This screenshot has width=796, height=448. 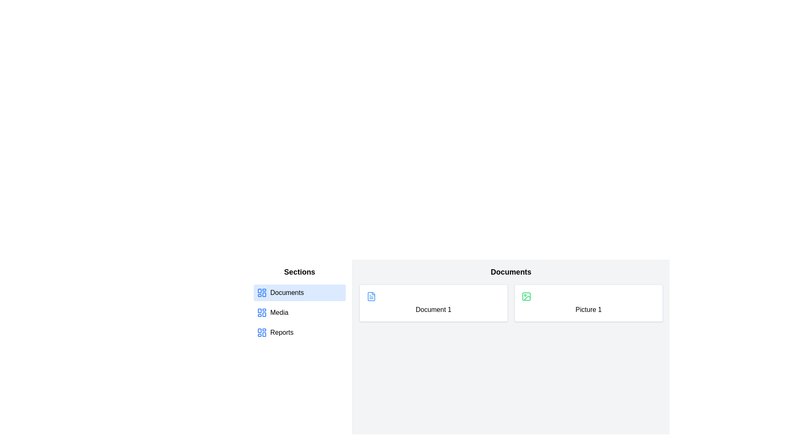 What do you see at coordinates (588, 310) in the screenshot?
I see `text from the Label displaying 'Picture 1', which is positioned under an image icon within the Documents section of the UI` at bounding box center [588, 310].